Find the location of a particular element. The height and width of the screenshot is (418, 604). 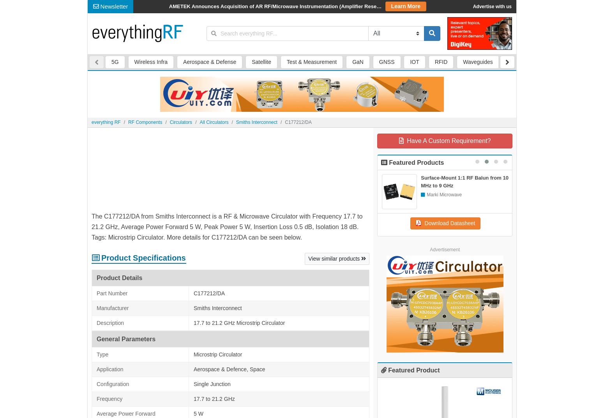

'Directory' is located at coordinates (313, 7).